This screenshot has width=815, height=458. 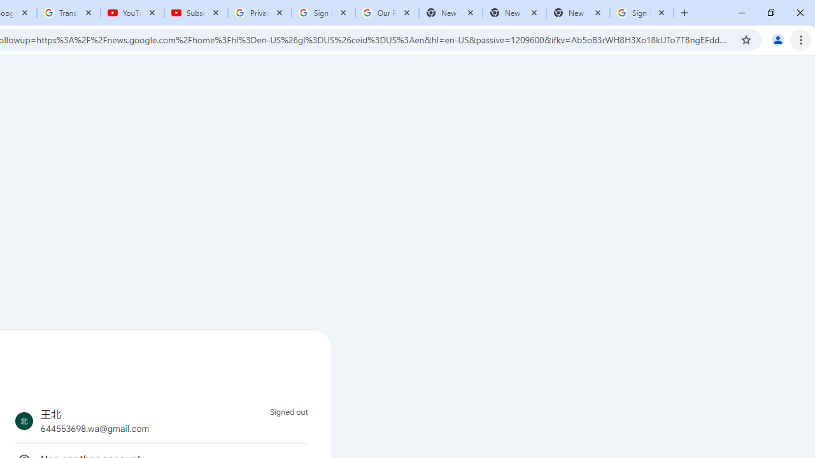 What do you see at coordinates (642, 13) in the screenshot?
I see `'Sign in - Google Accounts'` at bounding box center [642, 13].